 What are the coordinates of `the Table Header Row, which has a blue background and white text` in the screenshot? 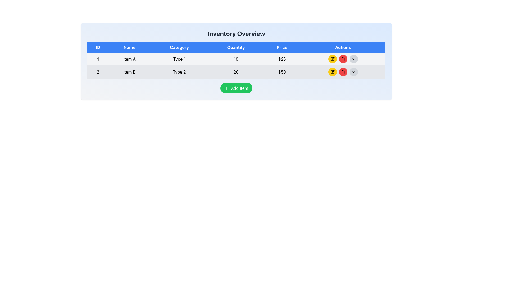 It's located at (236, 47).